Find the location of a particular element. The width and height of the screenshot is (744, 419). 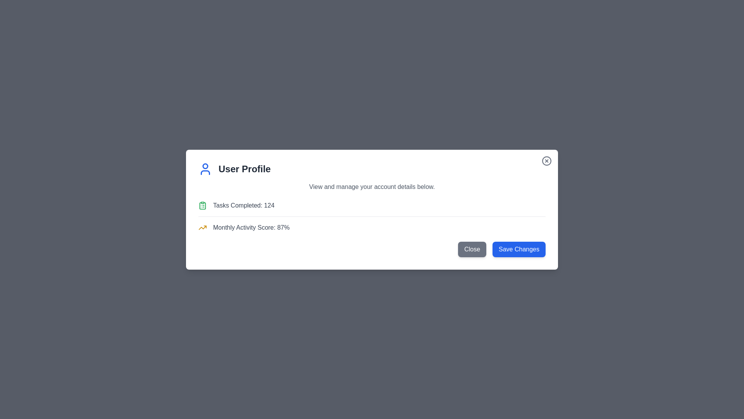

the green clipboard icon located to the left of the text 'Tasks Completed: 124' in the user profile interface is located at coordinates (203, 205).